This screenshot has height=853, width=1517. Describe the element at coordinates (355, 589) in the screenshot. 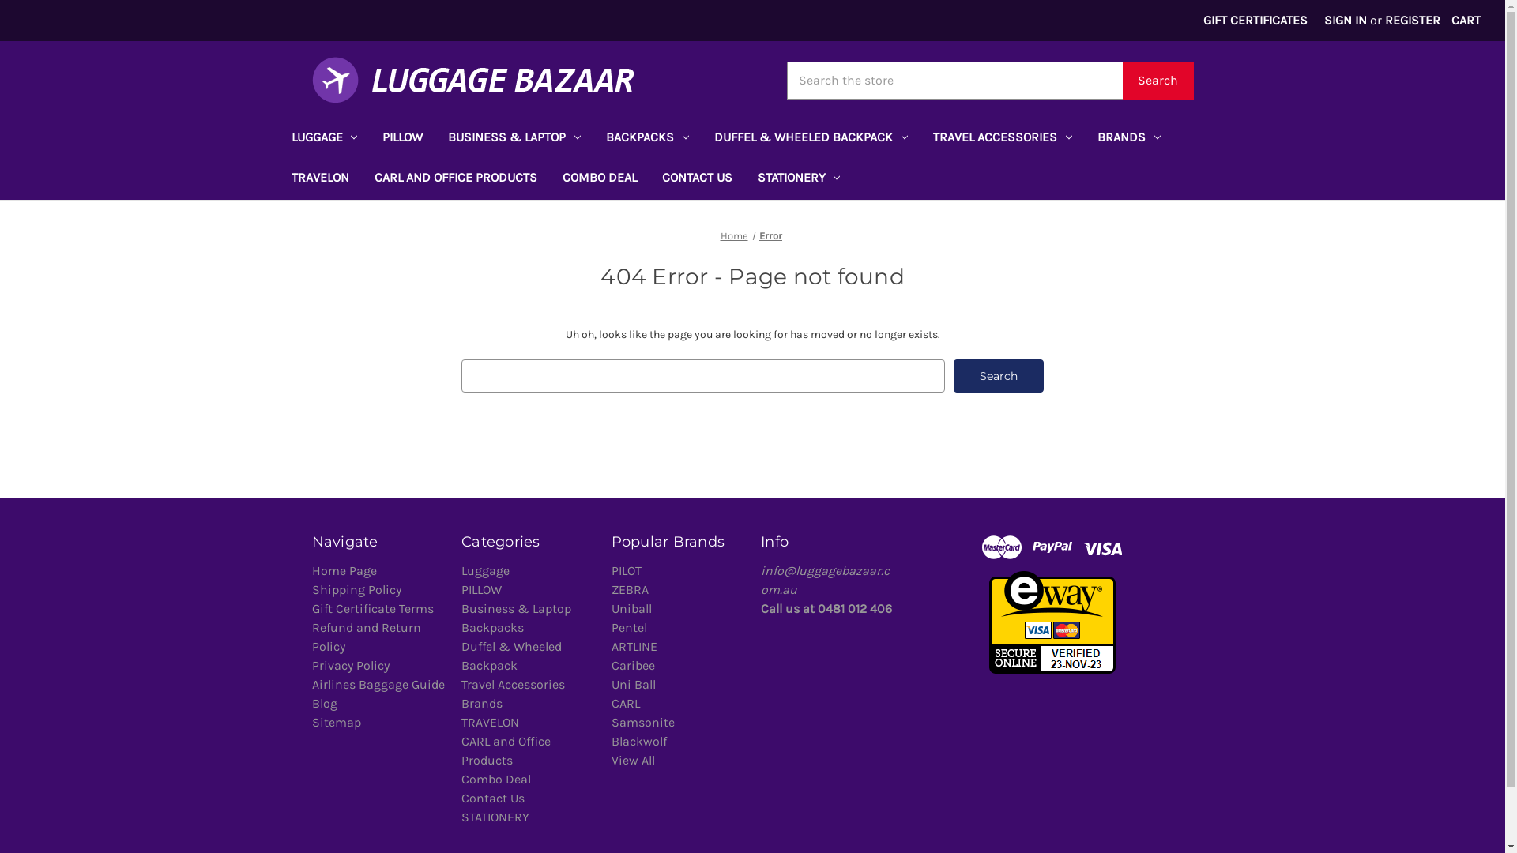

I see `'Shipping Policy'` at that location.